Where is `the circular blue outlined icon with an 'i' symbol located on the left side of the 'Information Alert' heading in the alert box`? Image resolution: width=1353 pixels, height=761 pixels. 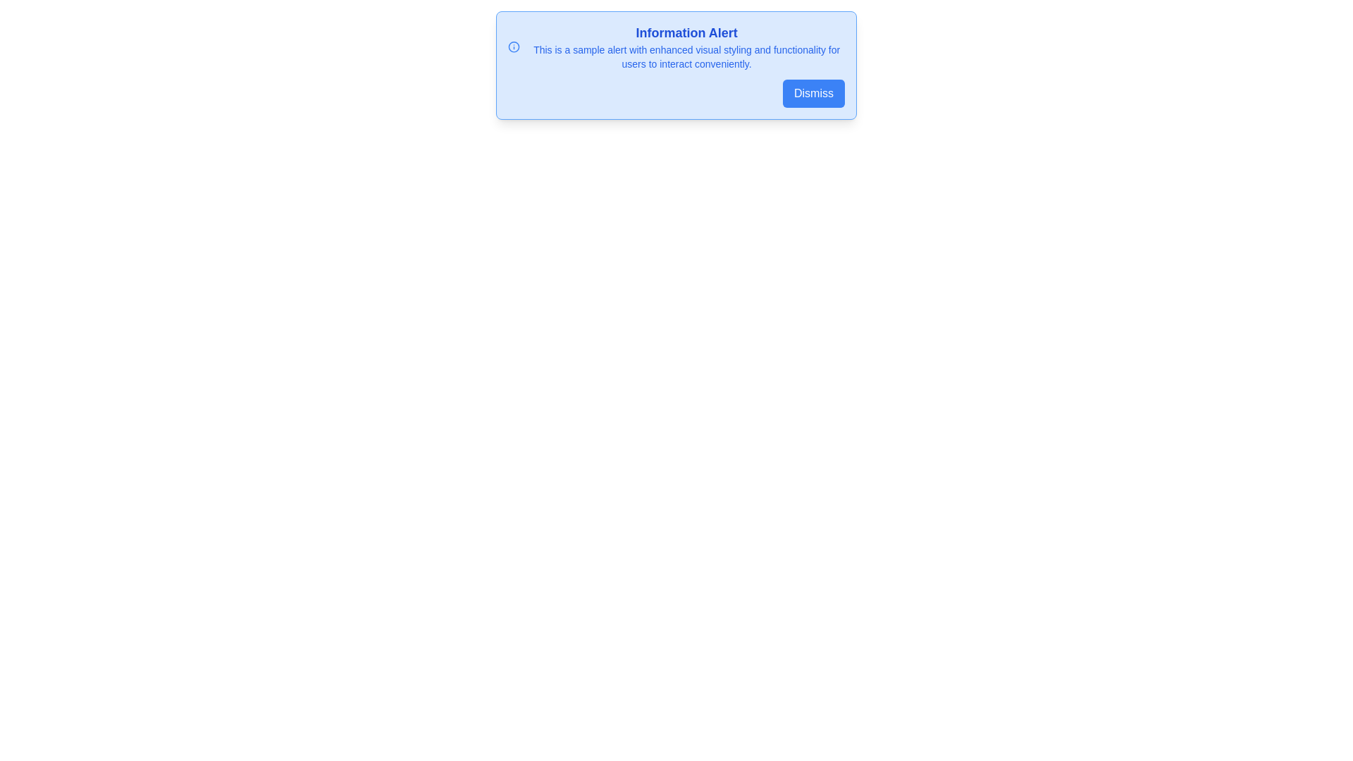
the circular blue outlined icon with an 'i' symbol located on the left side of the 'Information Alert' heading in the alert box is located at coordinates (513, 46).